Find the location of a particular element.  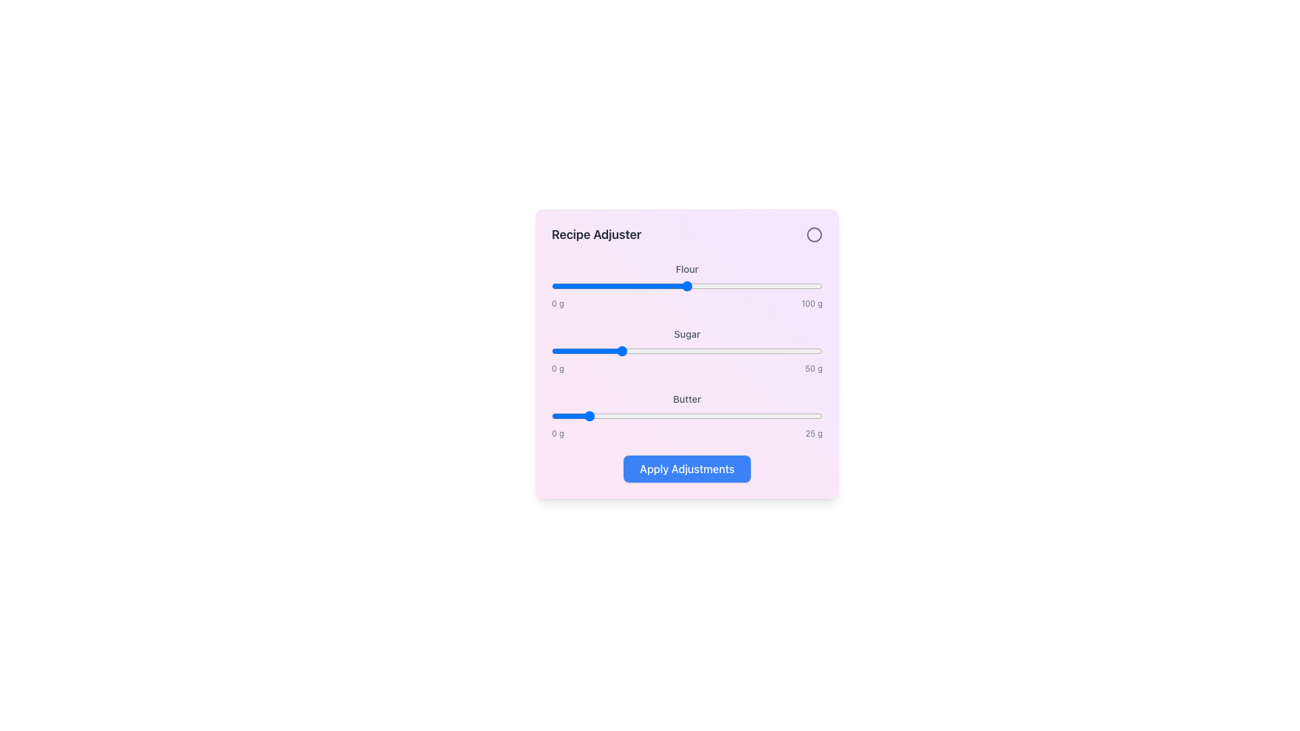

sugar level is located at coordinates (746, 351).